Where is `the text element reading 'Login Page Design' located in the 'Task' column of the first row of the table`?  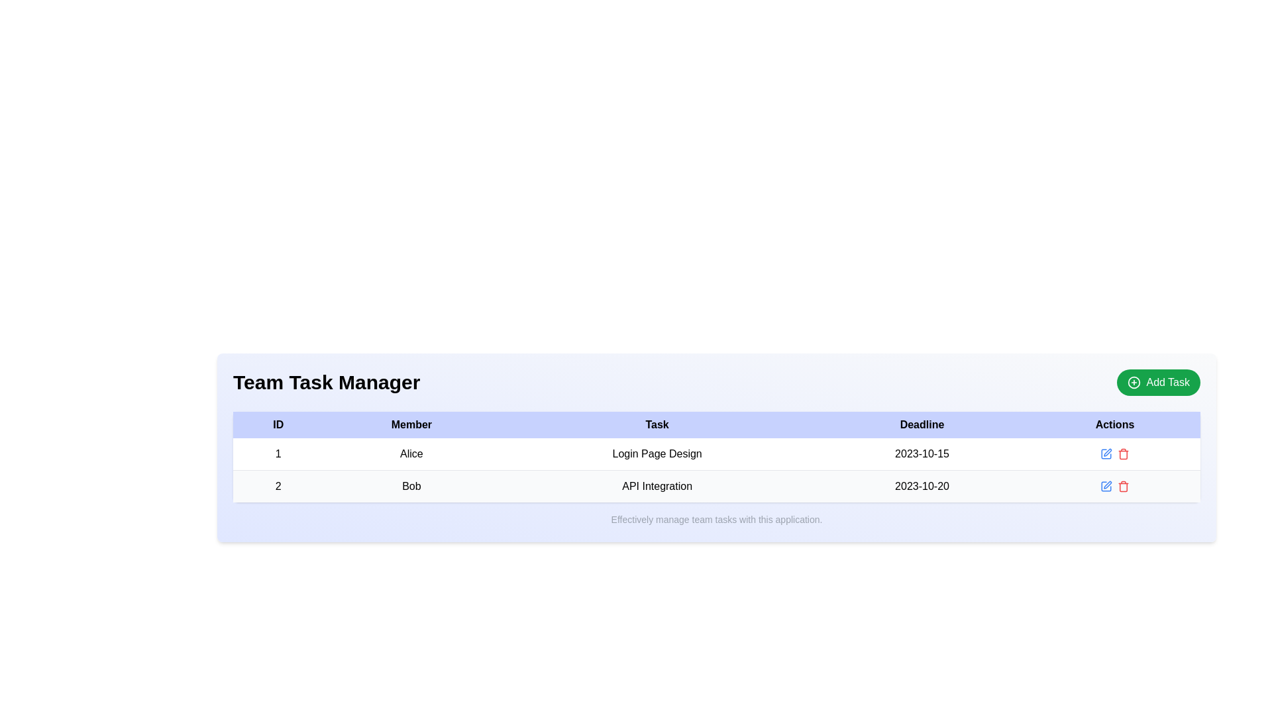
the text element reading 'Login Page Design' located in the 'Task' column of the first row of the table is located at coordinates (657, 453).